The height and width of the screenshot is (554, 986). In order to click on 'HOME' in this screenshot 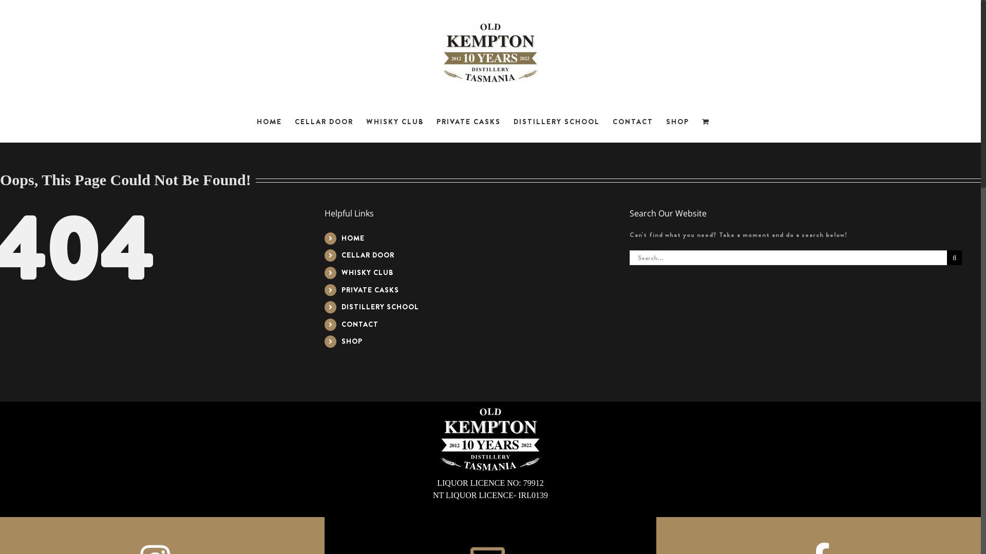, I will do `click(353, 238)`.